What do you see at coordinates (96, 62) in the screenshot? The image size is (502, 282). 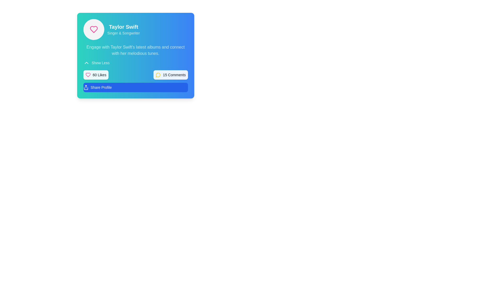 I see `the 'Show Less' button, which features white text and an upward-pointing chevron icon` at bounding box center [96, 62].